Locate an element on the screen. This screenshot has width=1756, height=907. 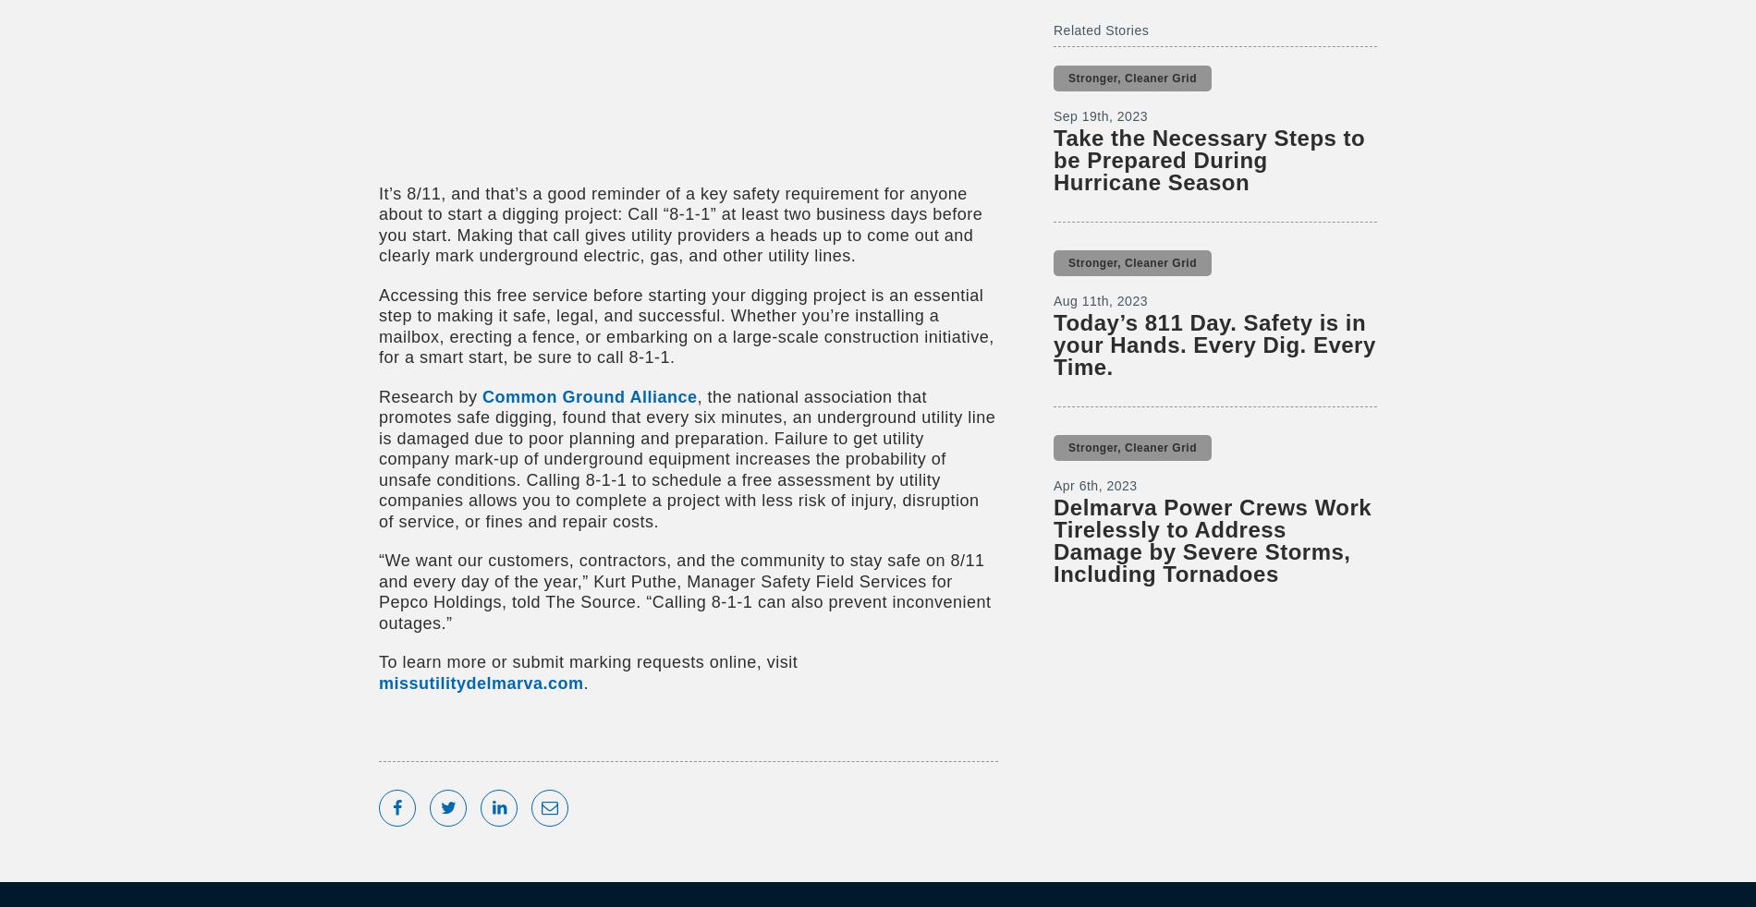
', the national association that promotes safe digging, found that every six minutes, an underground utility line is damaged due to poor planning and preparation. Failure to get utility company mark-up of underground equipment increases the probability of unsafe conditions. Calling 8-1-1 to schedule a free assessment by utility companies allows you to complete a project with less risk of injury, disruption of service, or fines and repair costs.' is located at coordinates (686, 457).